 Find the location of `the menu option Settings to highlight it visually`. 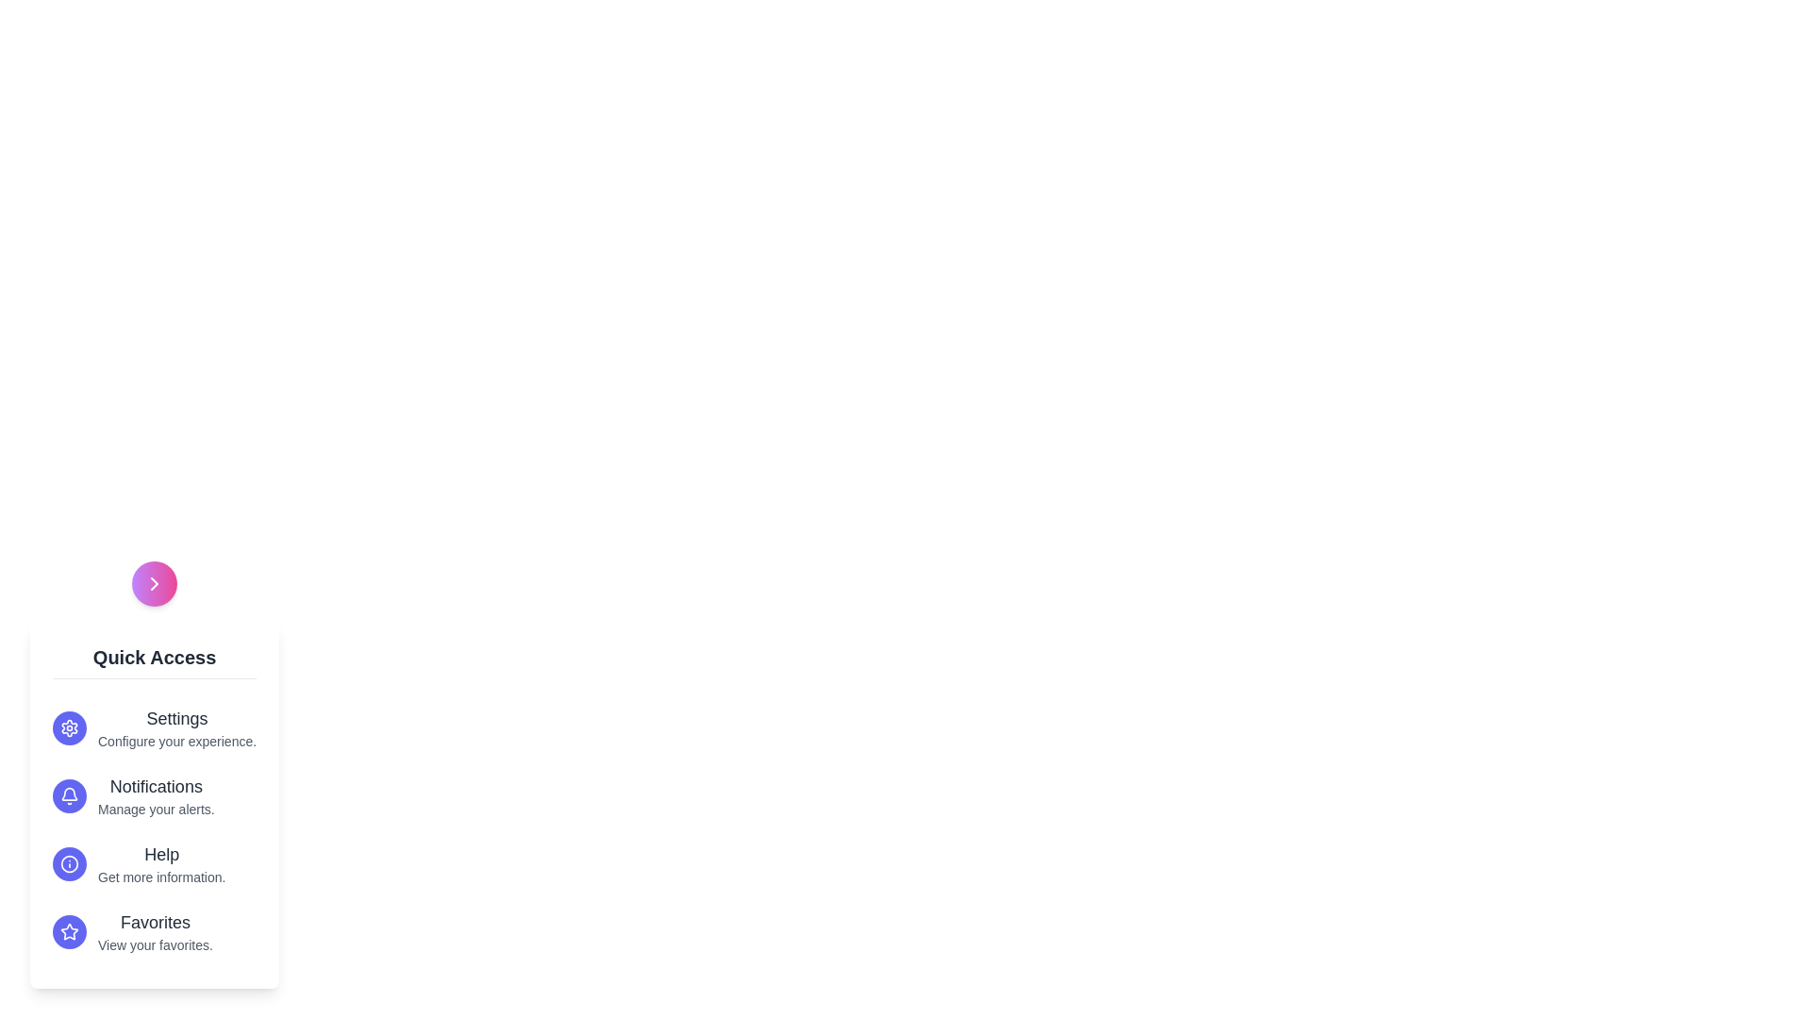

the menu option Settings to highlight it visually is located at coordinates (154, 727).